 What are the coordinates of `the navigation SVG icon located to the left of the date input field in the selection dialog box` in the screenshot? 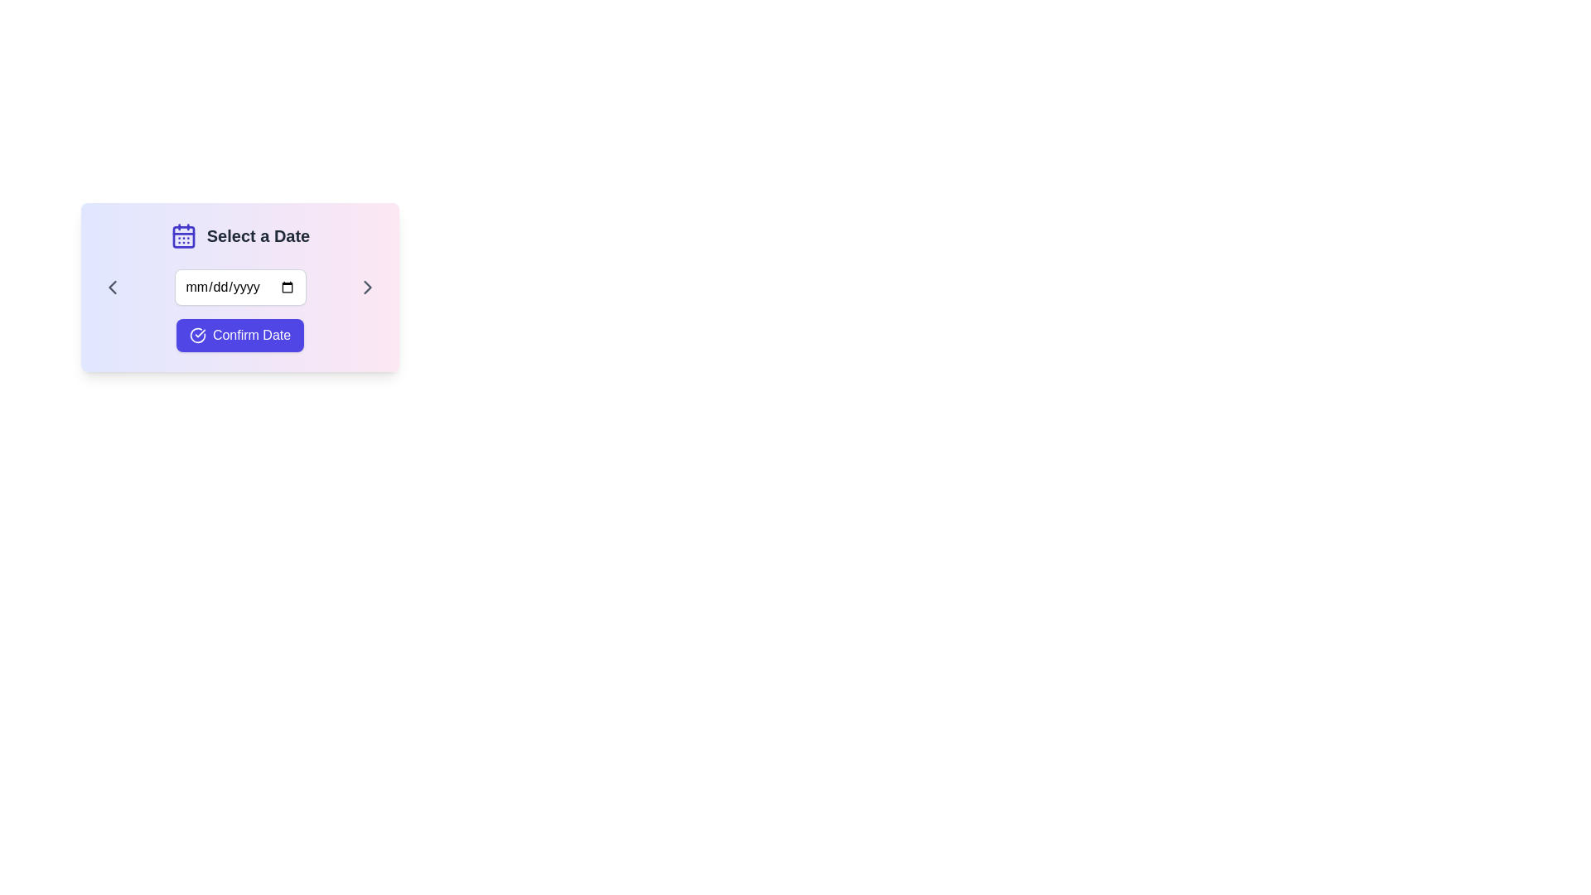 It's located at (111, 287).